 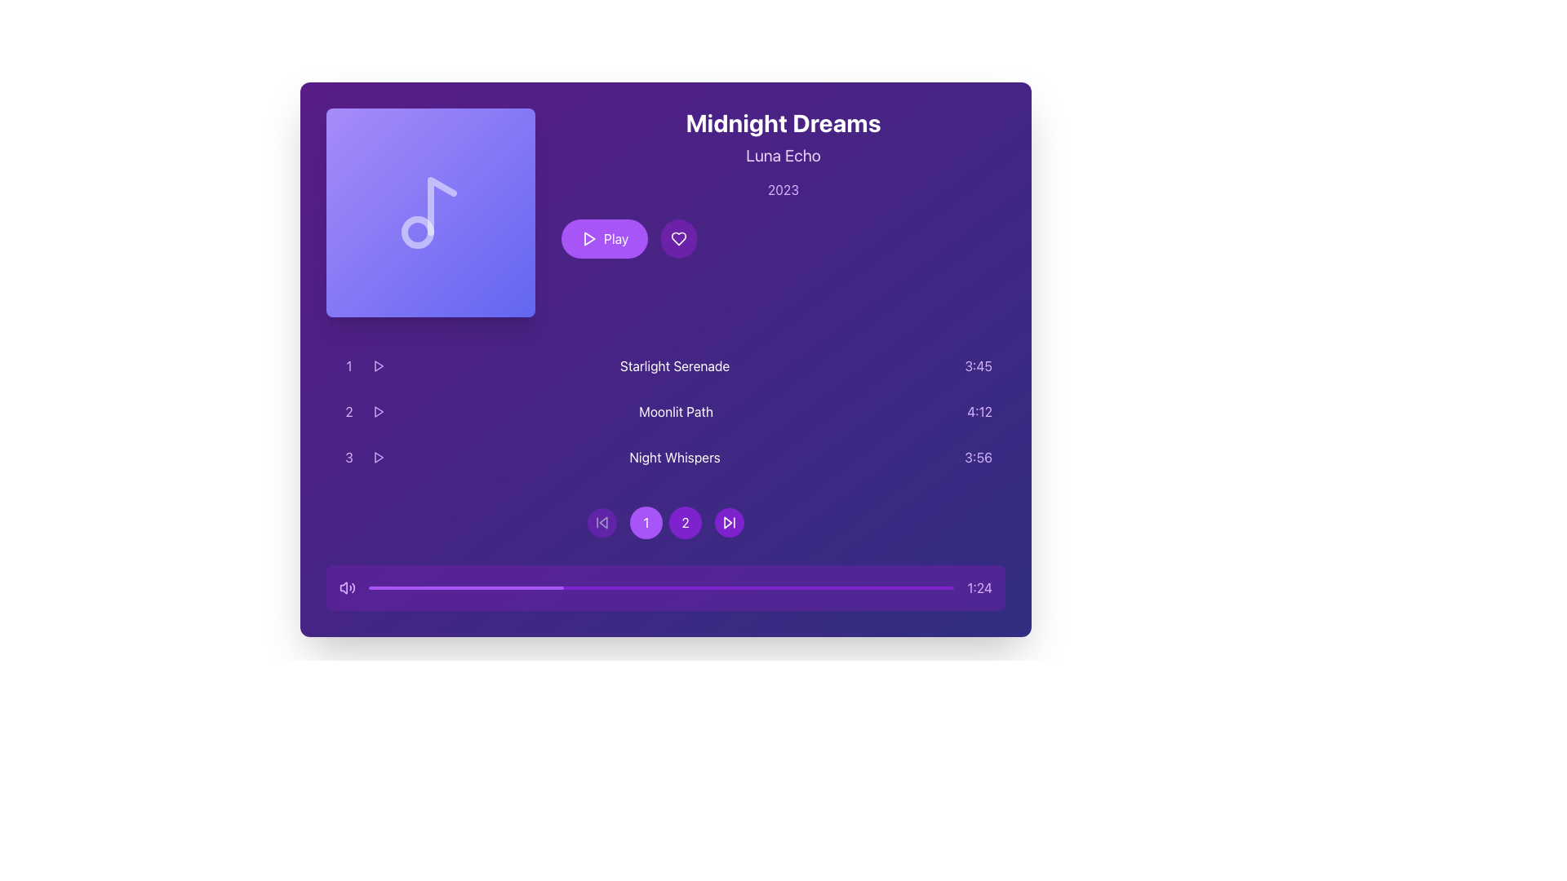 I want to click on playback position, so click(x=526, y=588).